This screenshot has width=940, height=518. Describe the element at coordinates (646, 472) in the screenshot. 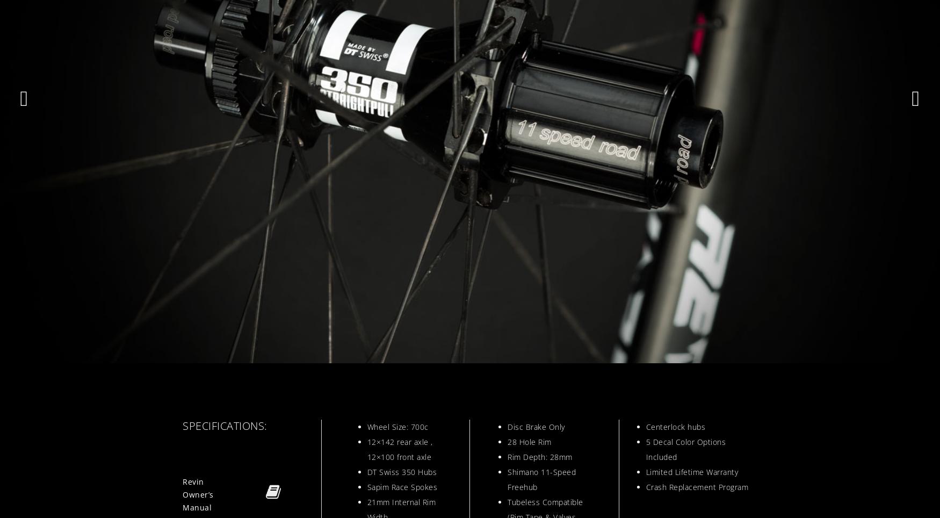

I see `'Limited Lifetime Warranty'` at that location.